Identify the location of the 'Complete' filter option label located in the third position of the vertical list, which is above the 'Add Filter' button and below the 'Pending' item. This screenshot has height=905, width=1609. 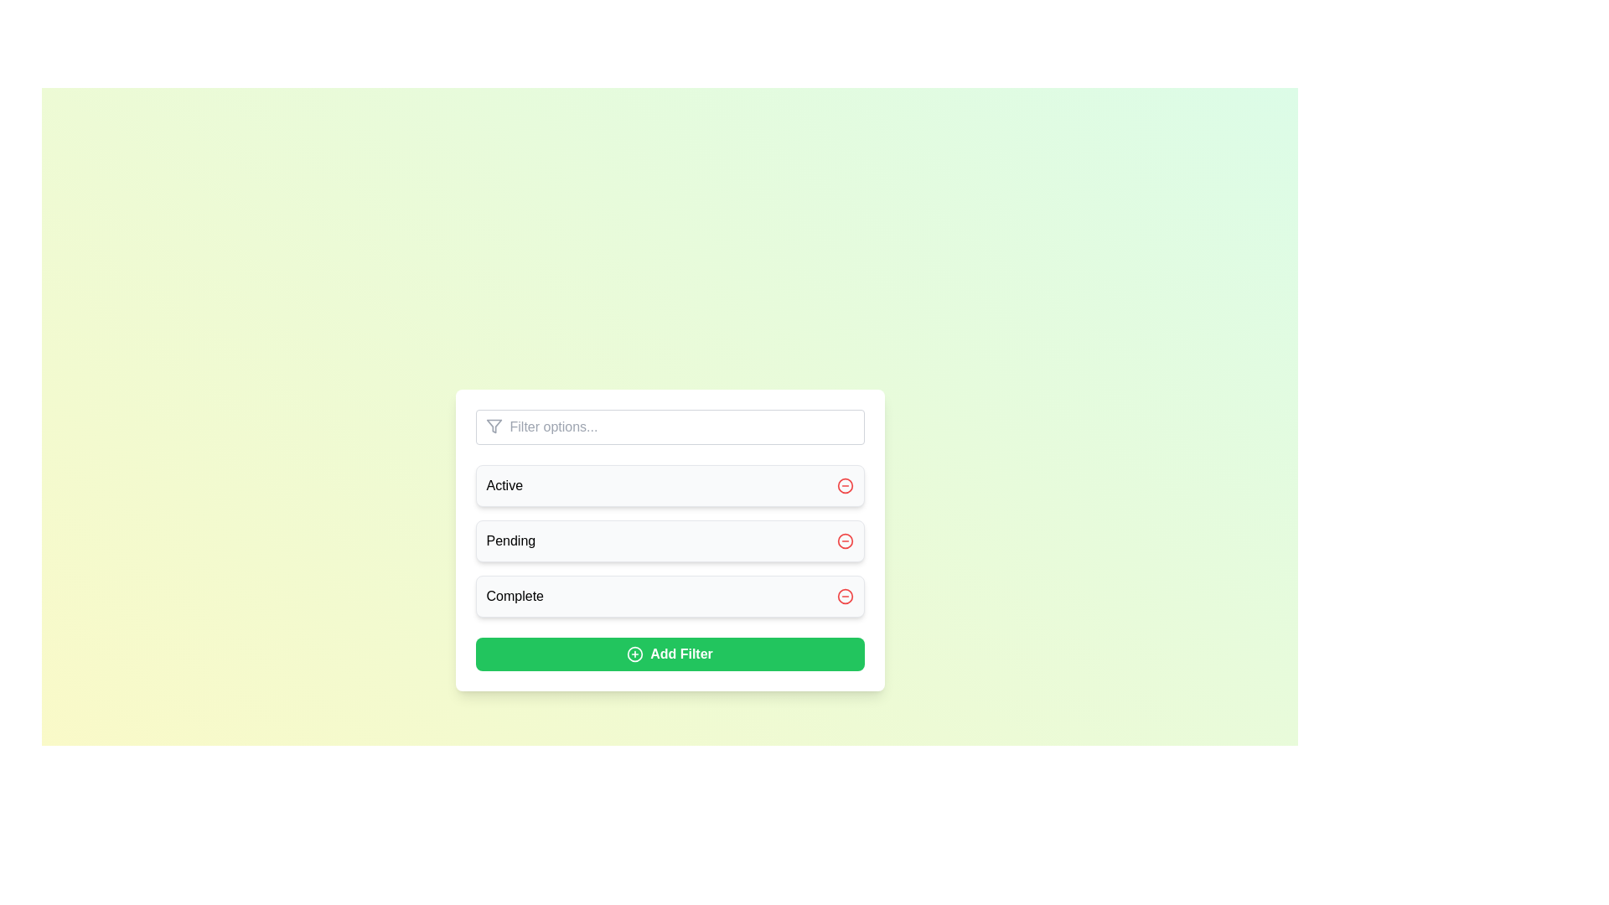
(514, 596).